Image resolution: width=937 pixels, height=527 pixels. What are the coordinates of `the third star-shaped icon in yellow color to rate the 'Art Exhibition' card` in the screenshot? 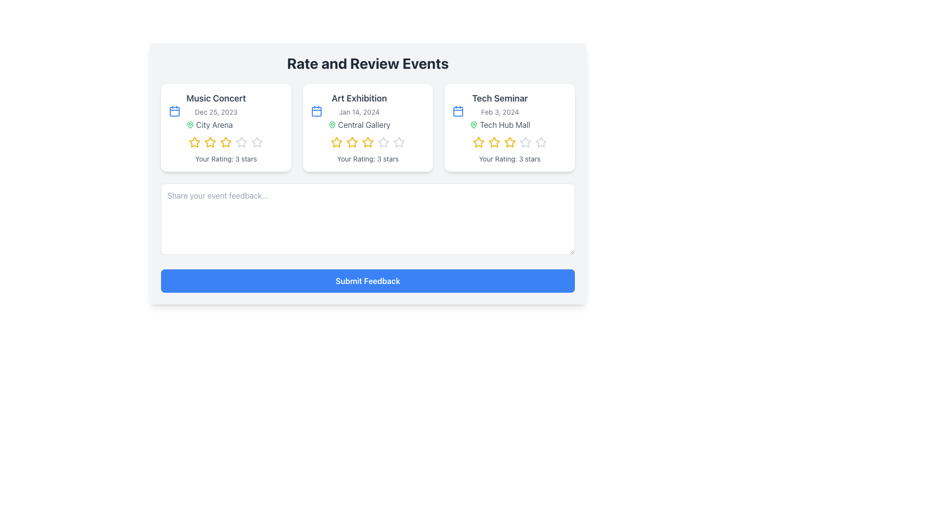 It's located at (351, 142).